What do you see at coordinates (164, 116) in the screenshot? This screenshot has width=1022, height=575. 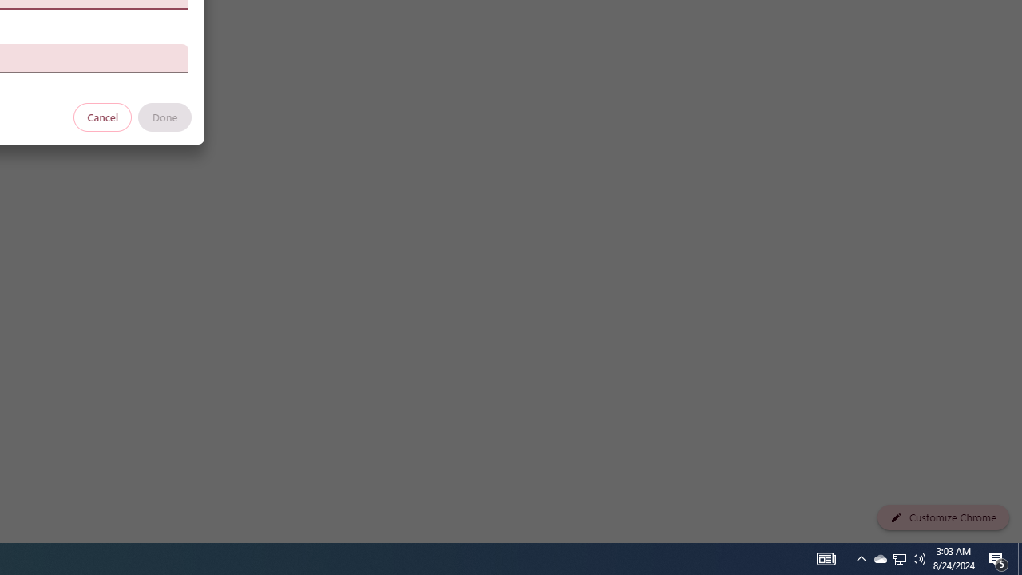 I see `'Done'` at bounding box center [164, 116].